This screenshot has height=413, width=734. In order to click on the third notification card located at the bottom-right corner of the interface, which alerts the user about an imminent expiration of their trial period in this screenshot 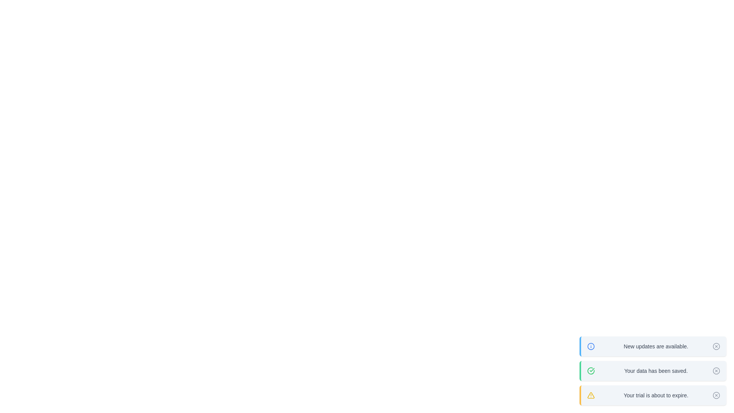, I will do `click(653, 395)`.